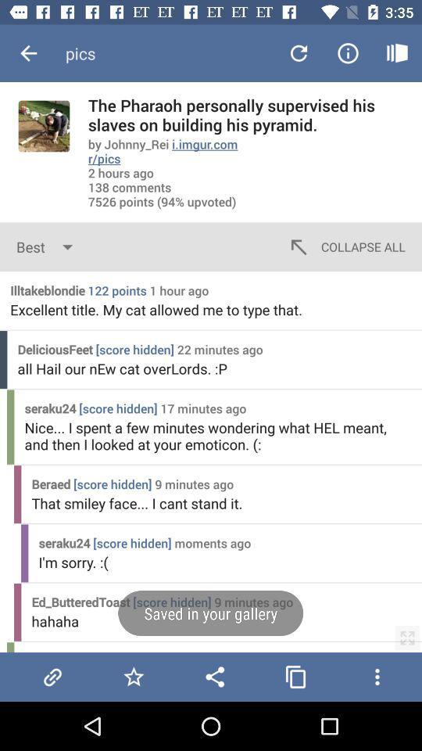  Describe the element at coordinates (52, 676) in the screenshot. I see `garry` at that location.